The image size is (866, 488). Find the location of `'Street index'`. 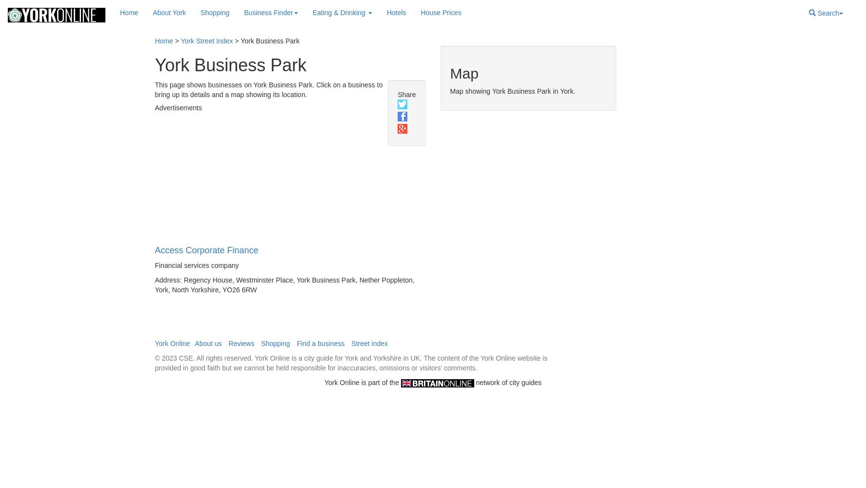

'Street index' is located at coordinates (369, 343).